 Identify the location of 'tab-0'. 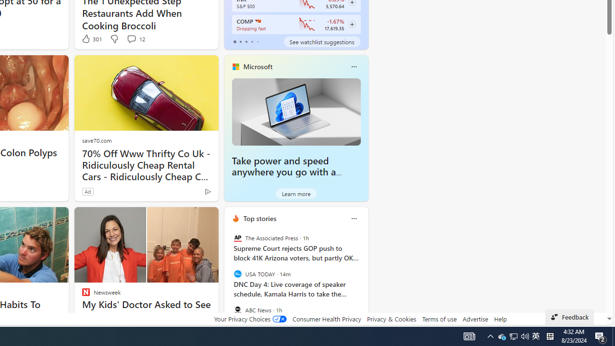
(234, 41).